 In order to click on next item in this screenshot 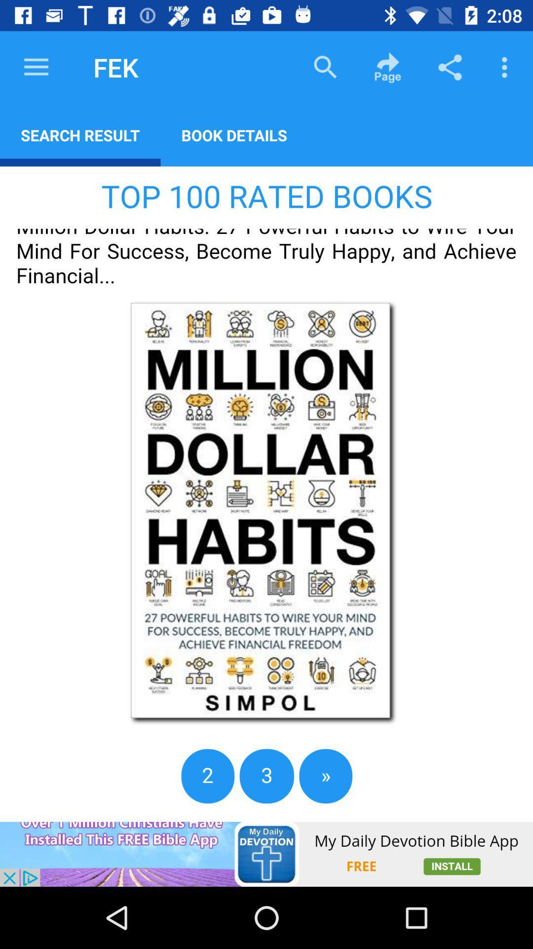, I will do `click(266, 494)`.